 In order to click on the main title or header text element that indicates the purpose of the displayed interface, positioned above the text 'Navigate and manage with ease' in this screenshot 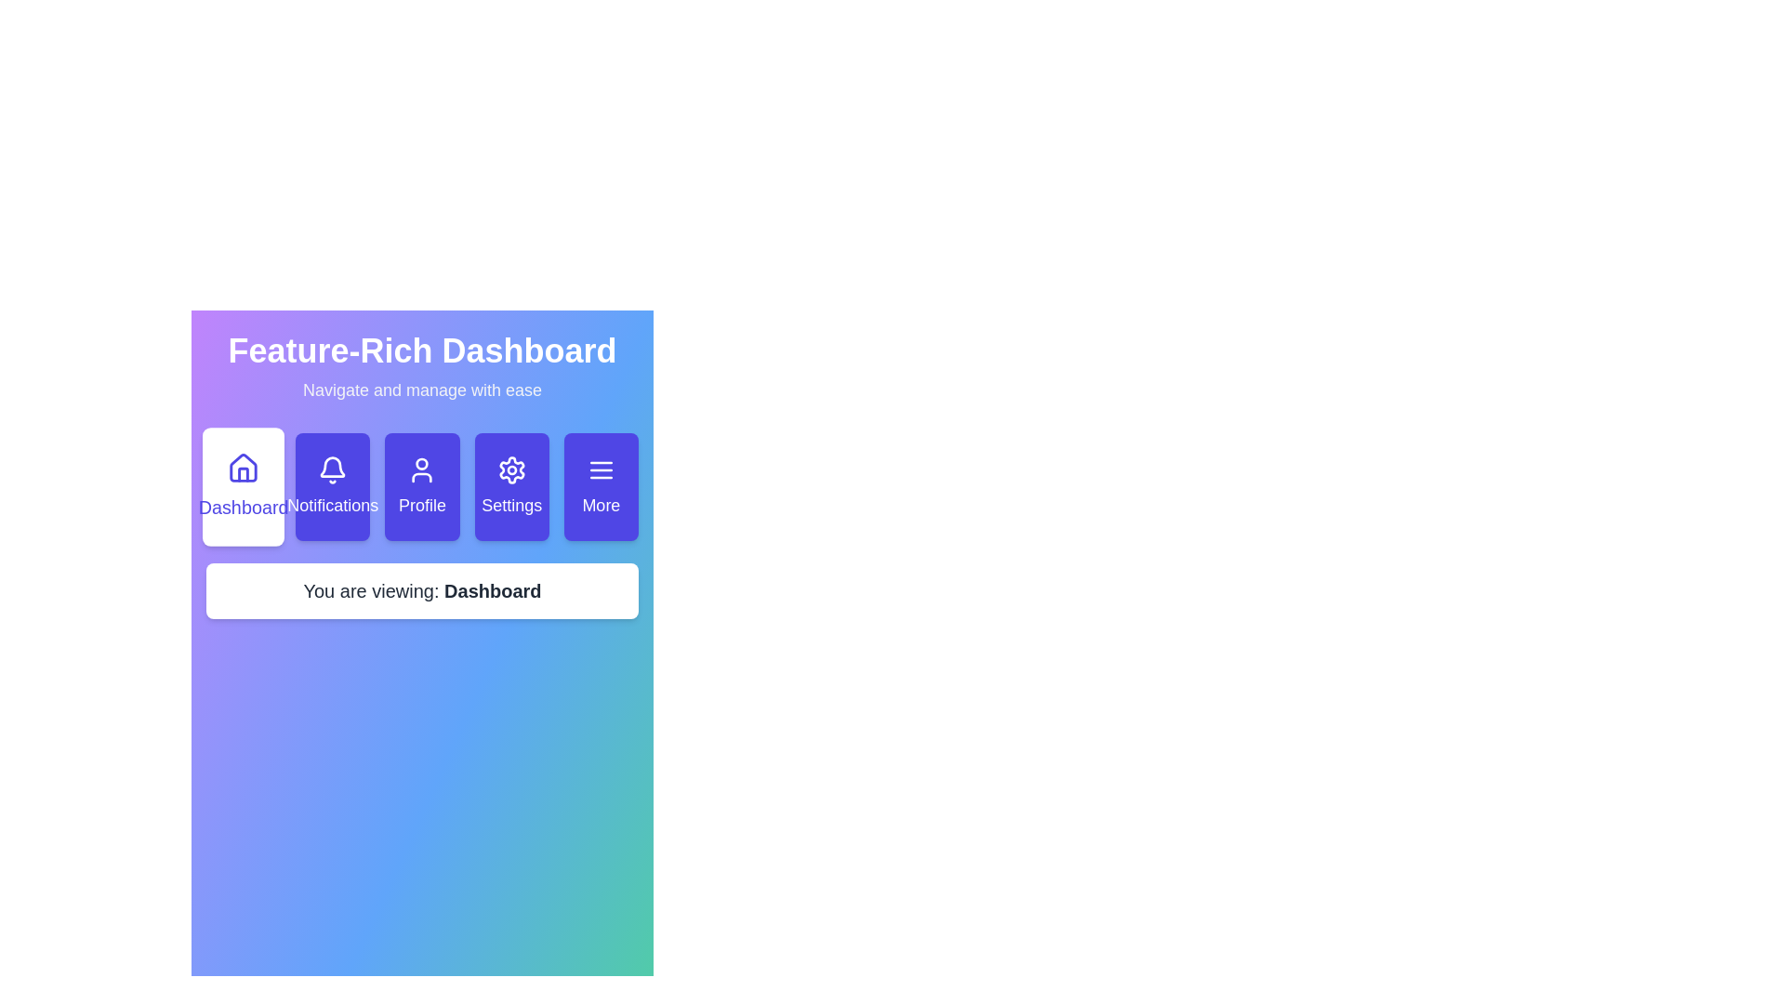, I will do `click(421, 351)`.